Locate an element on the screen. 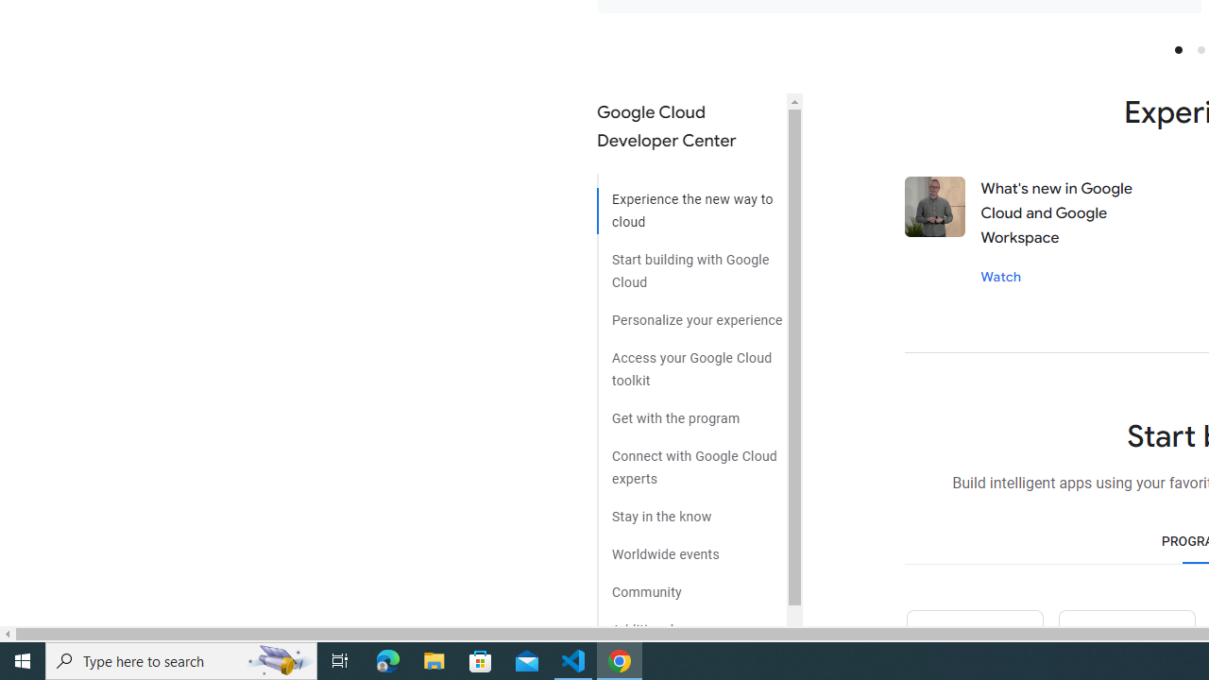 This screenshot has height=680, width=1209. 'Worldwide events' is located at coordinates (690, 547).